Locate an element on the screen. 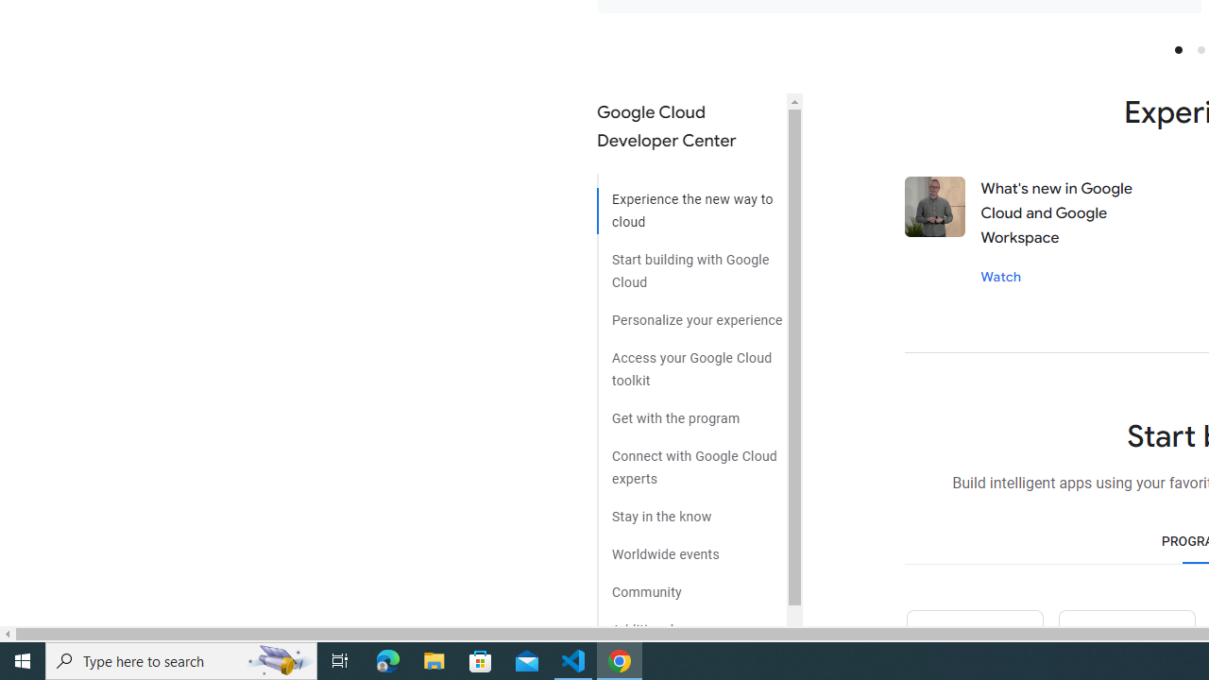 This screenshot has height=680, width=1209. 'Worldwide events' is located at coordinates (690, 547).